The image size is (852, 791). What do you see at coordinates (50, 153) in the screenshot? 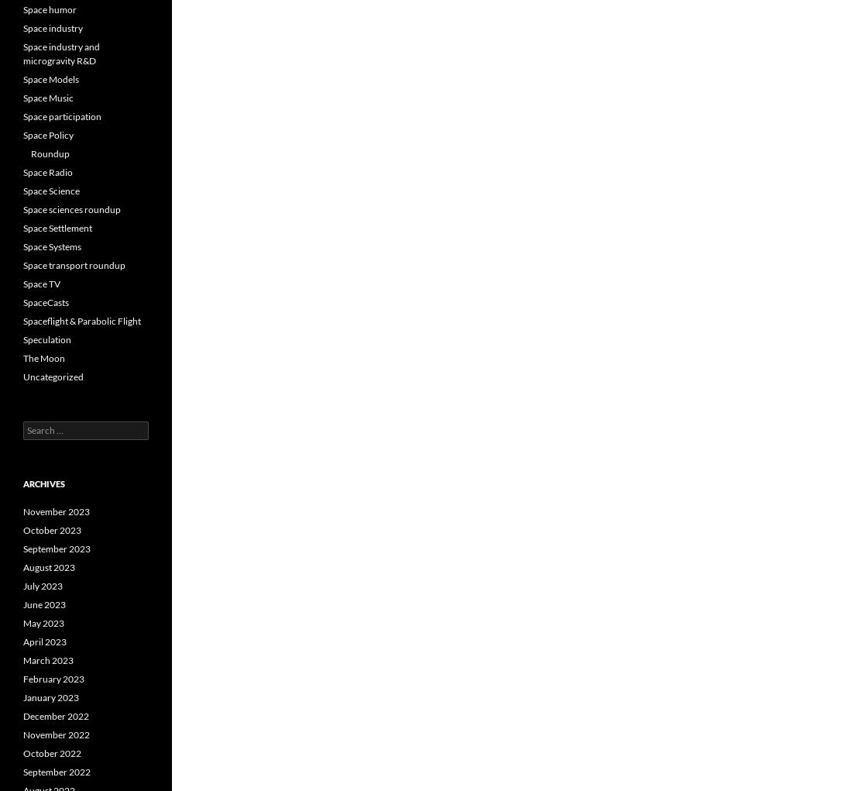
I see `'Roundup'` at bounding box center [50, 153].